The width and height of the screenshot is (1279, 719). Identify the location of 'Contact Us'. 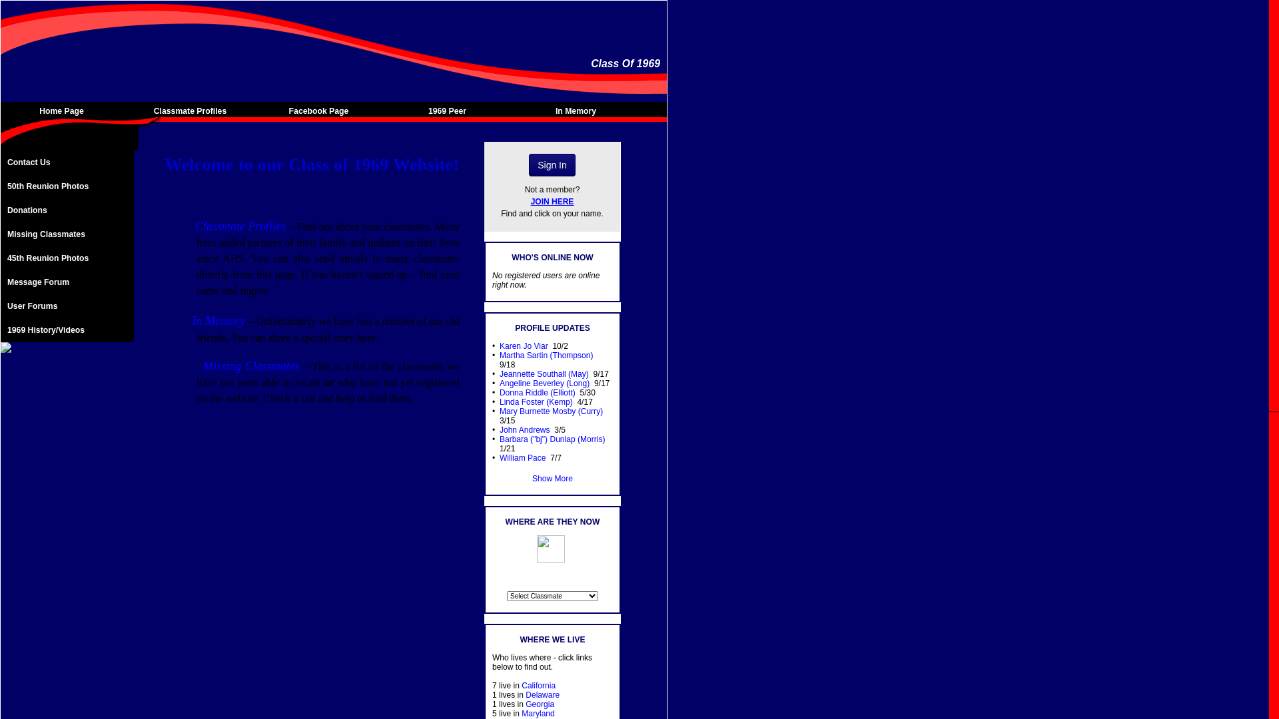
(66, 161).